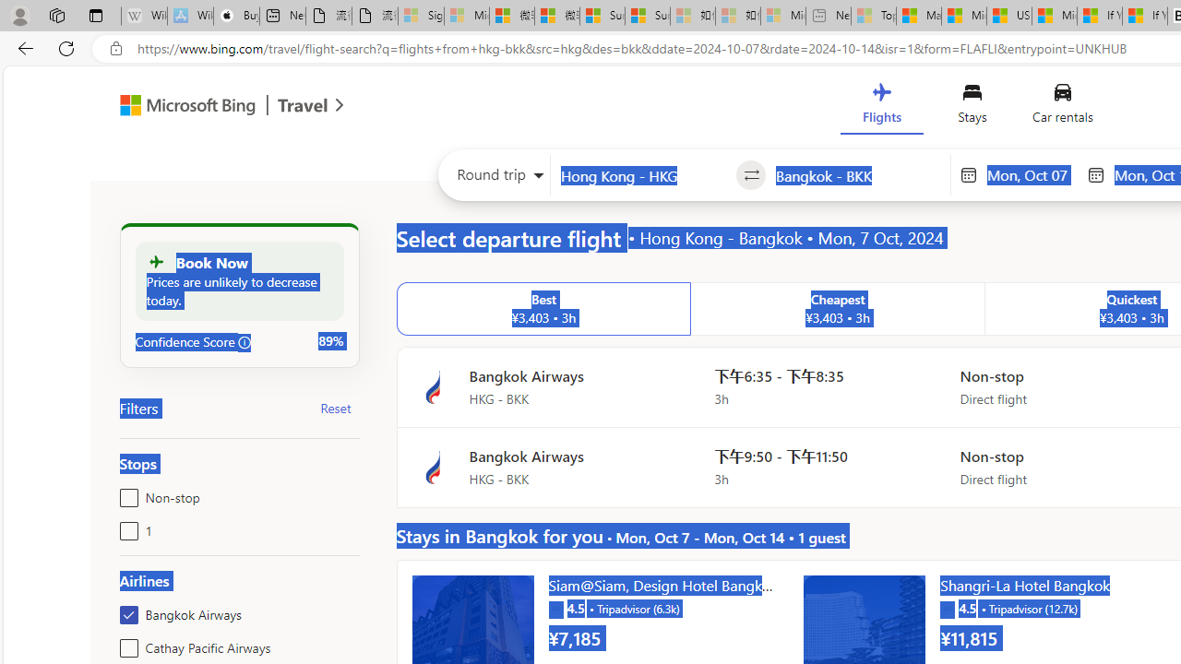 The height and width of the screenshot is (664, 1181). Describe the element at coordinates (244, 342) in the screenshot. I see `'Info tooltip'` at that location.